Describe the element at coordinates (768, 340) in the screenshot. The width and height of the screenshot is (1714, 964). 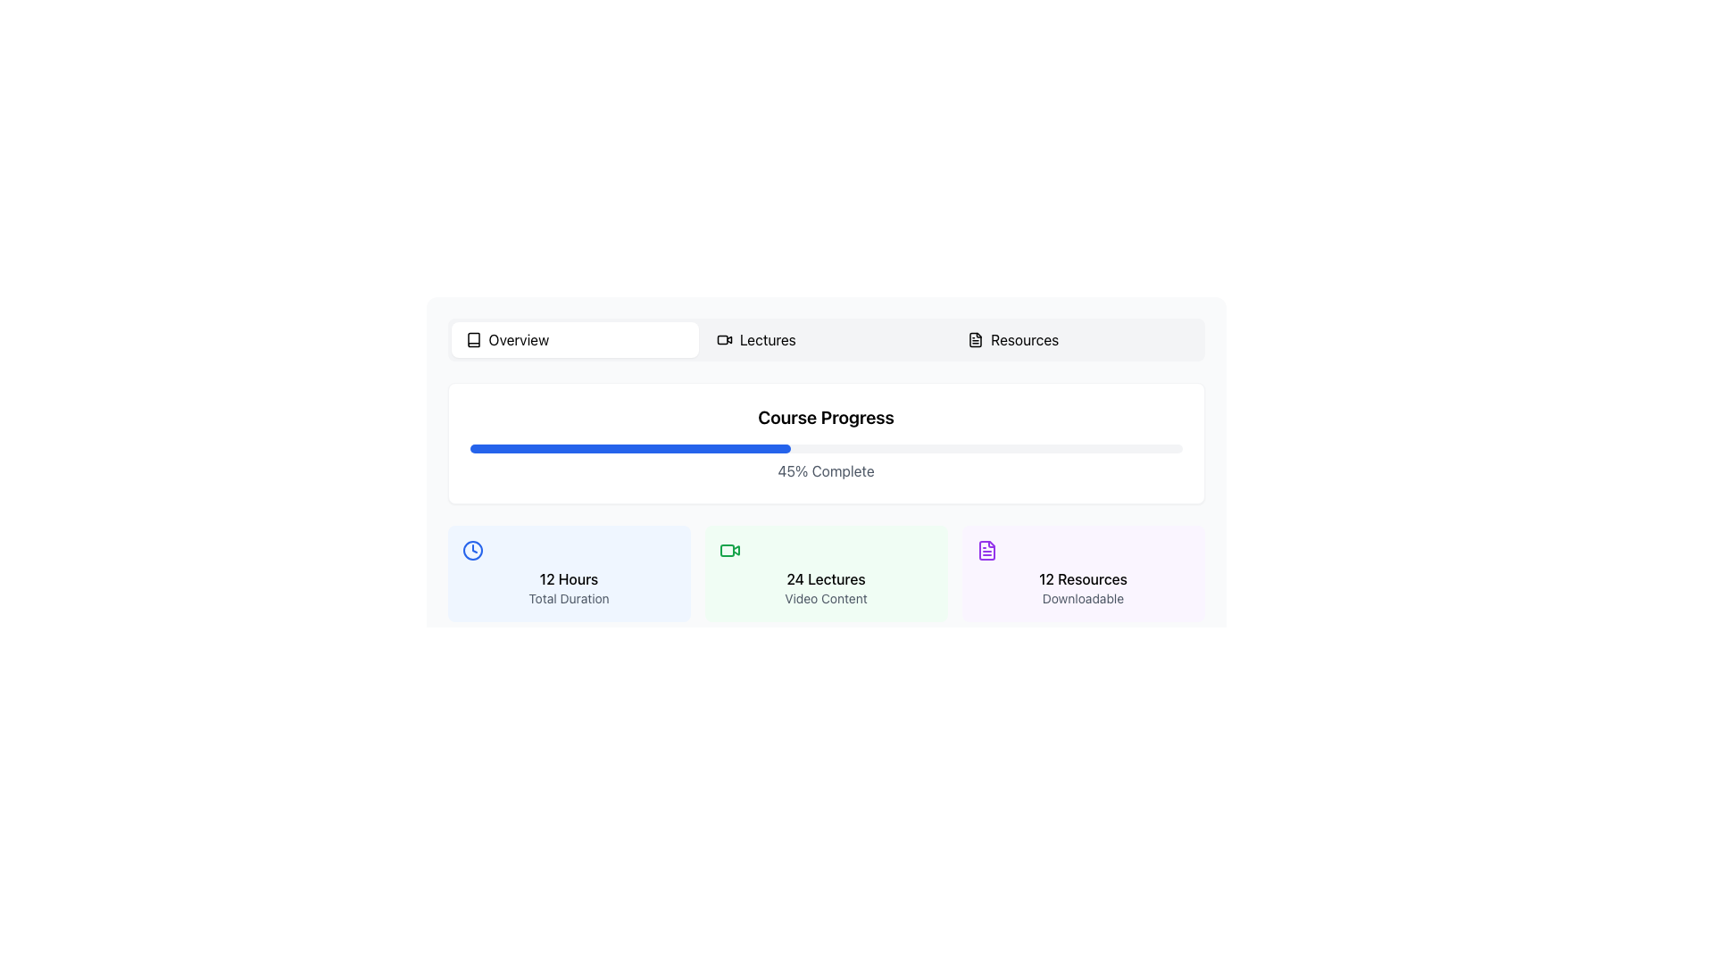
I see `the 'Lectures' label located on the header bar, positioned between the 'Overview' and 'Resources' options` at that location.